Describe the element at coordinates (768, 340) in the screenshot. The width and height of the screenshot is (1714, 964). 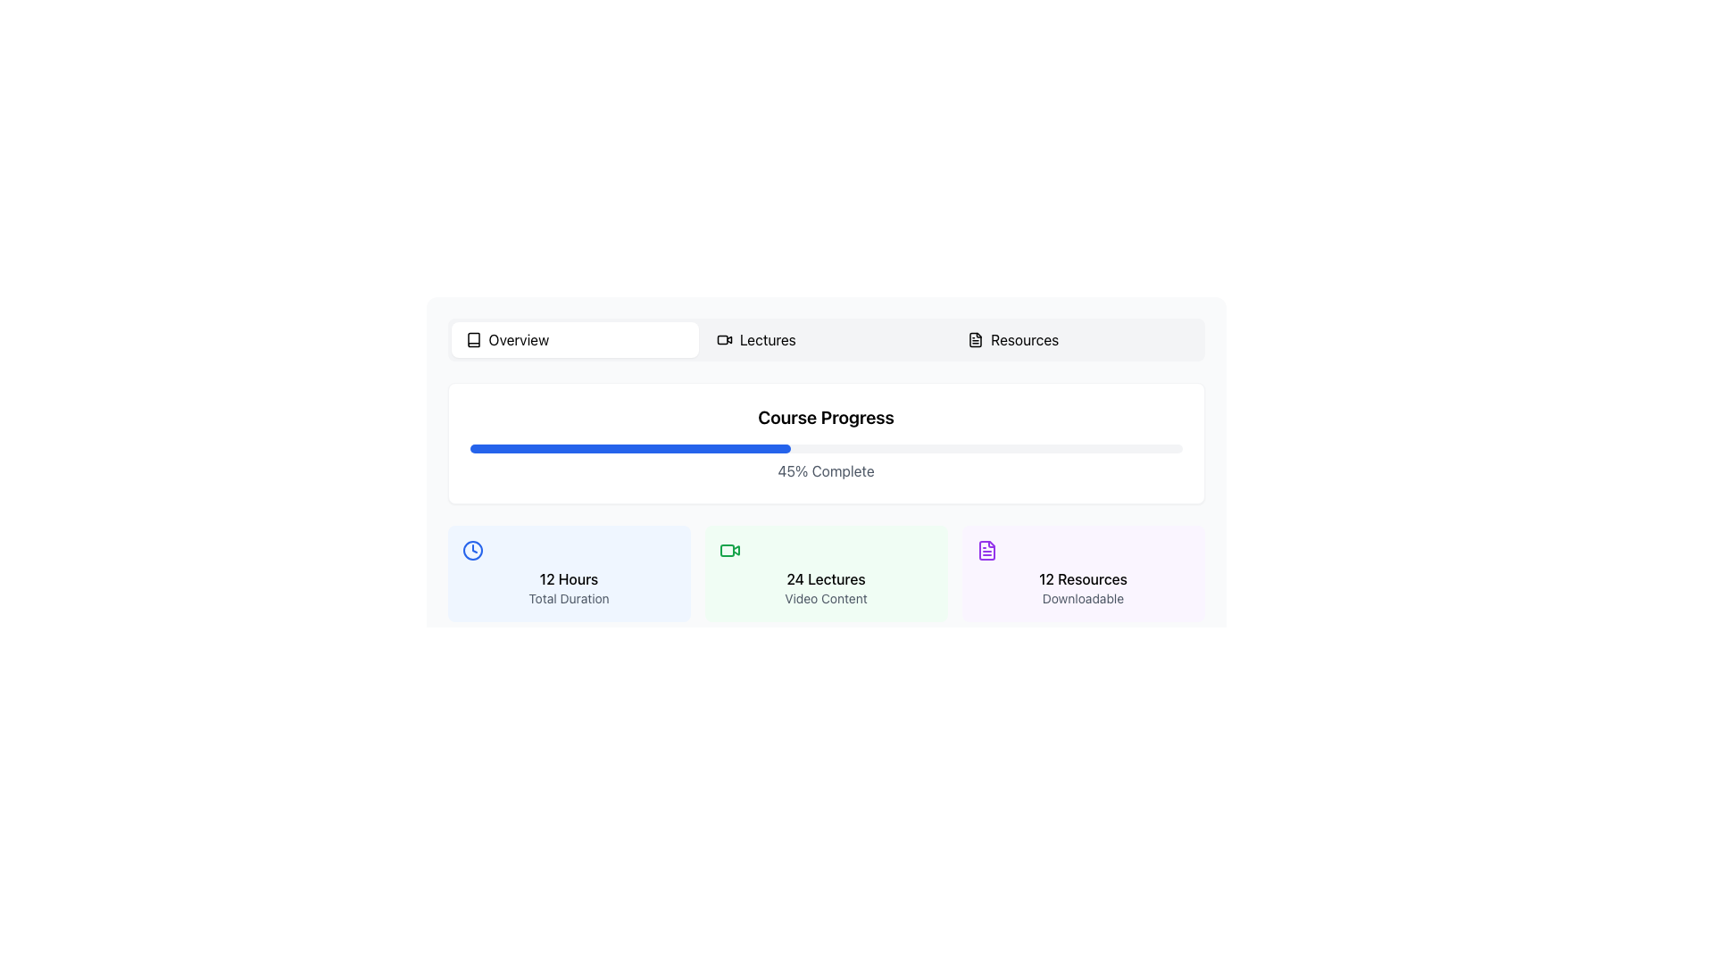
I see `the 'Lectures' label located on the header bar, positioned between the 'Overview' and 'Resources' options` at that location.